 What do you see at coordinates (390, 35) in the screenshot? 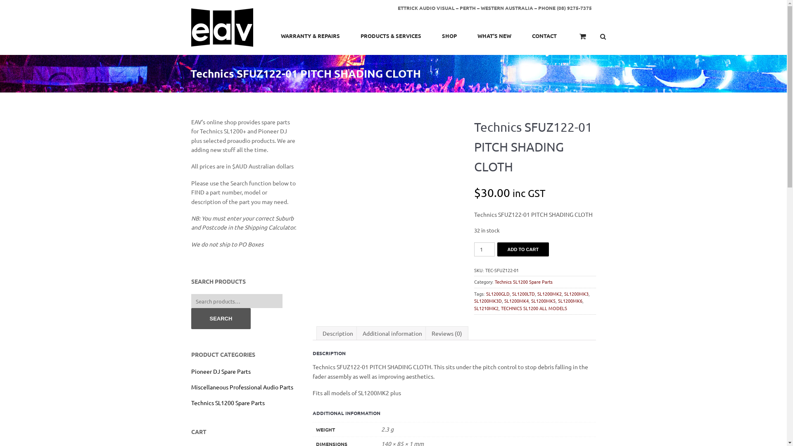
I see `'PRODUCTS & SERVICES'` at bounding box center [390, 35].